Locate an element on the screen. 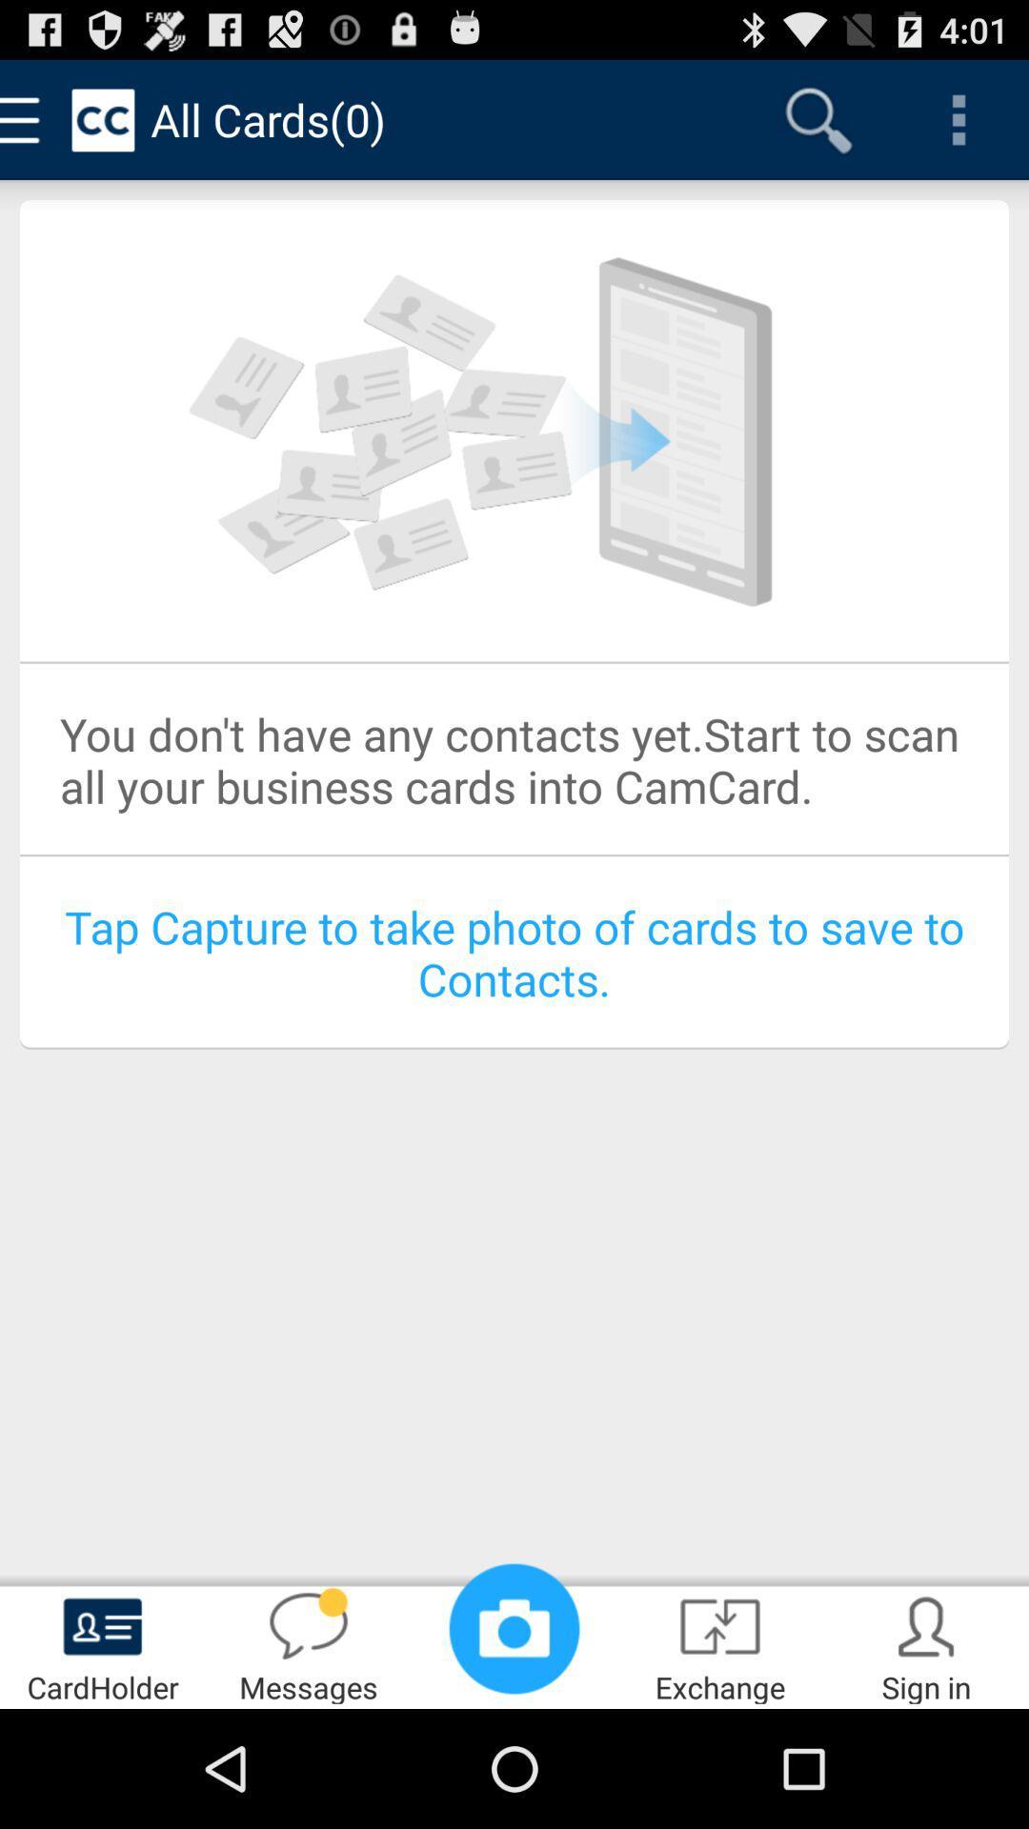 The image size is (1029, 1829). 3 dots on top right of page is located at coordinates (958, 118).